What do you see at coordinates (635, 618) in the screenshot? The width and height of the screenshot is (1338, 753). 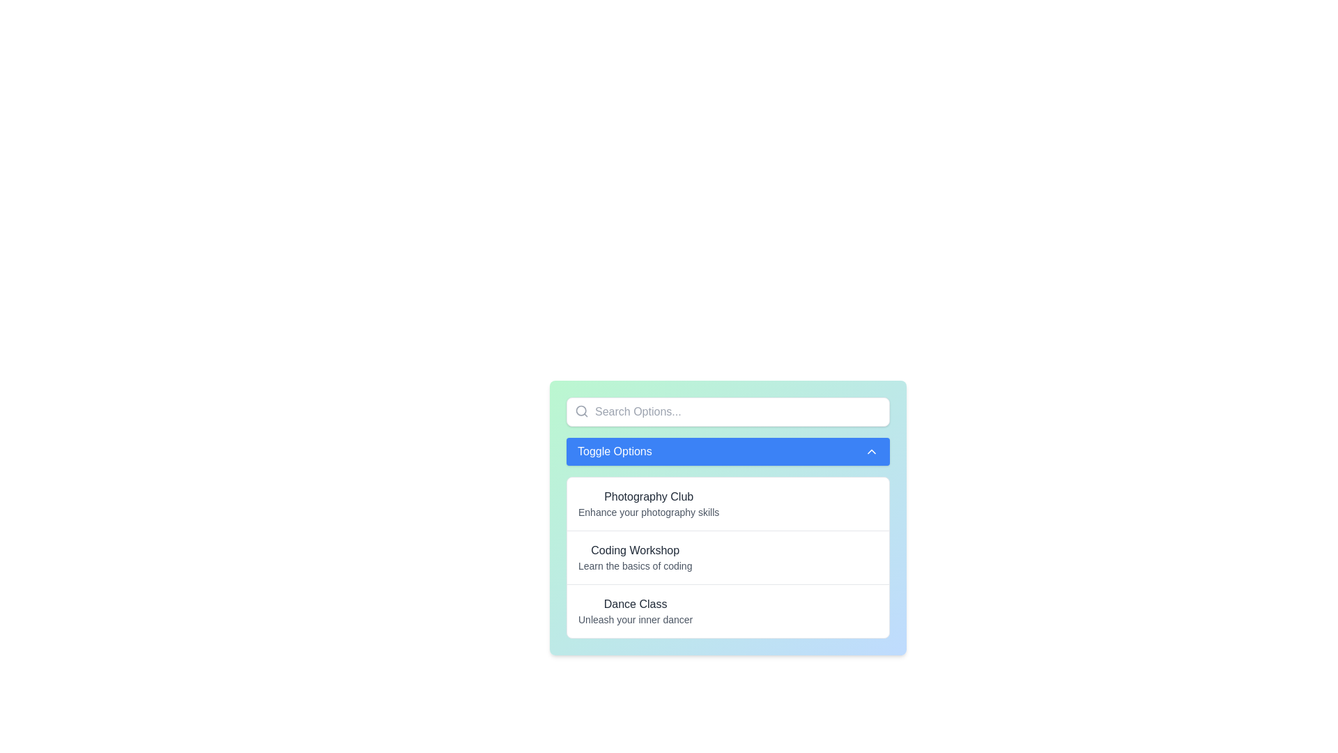 I see `the descriptive text label located below the 'Dance Class' title in the card-like section of the interface` at bounding box center [635, 618].